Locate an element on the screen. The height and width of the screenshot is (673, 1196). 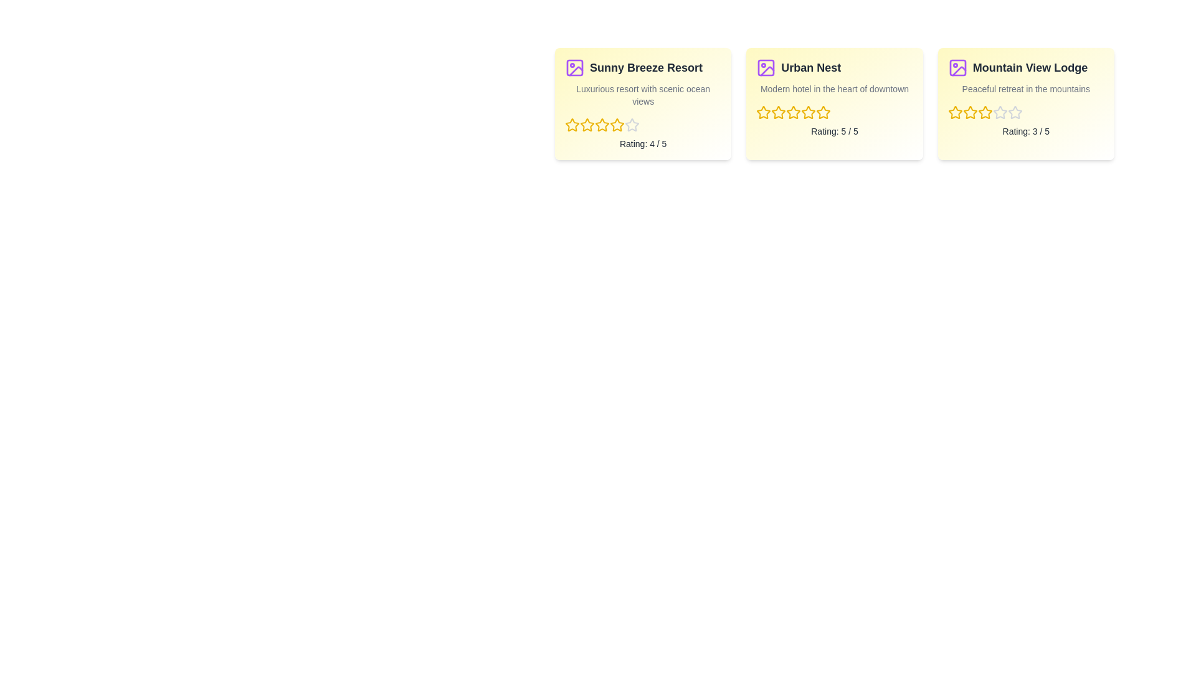
the hotel card for Urban Nest is located at coordinates (834, 103).